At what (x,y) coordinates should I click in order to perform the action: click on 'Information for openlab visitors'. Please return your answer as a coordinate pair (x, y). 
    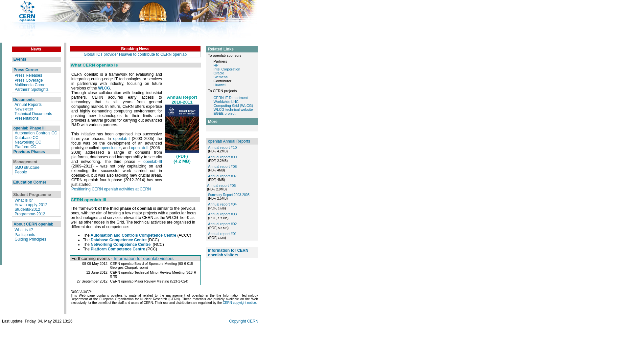
    Looking at the image, I should click on (143, 258).